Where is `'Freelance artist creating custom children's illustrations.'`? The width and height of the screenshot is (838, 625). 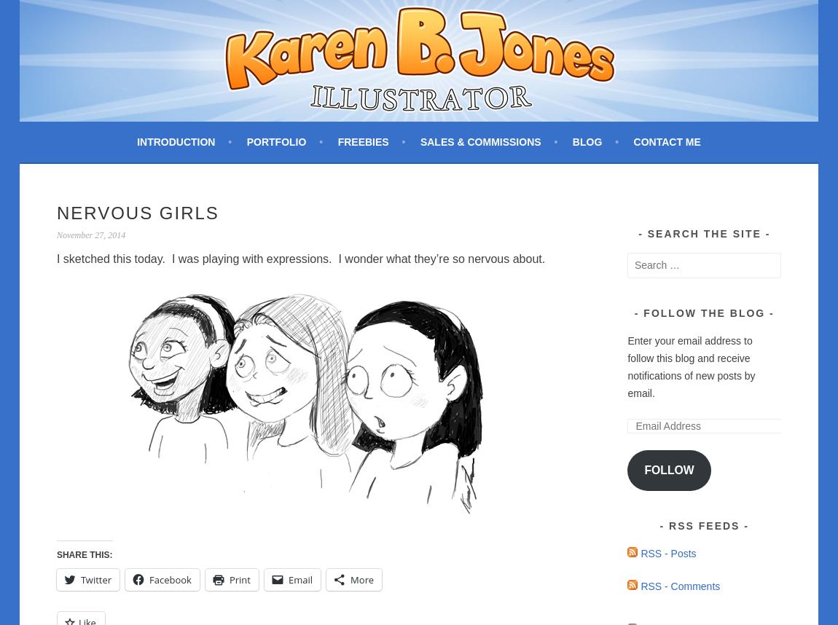
'Freelance artist creating custom children's illustrations.' is located at coordinates (260, 130).